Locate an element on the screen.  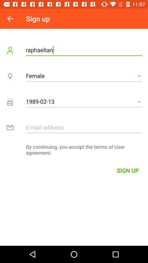
the icon above the sign up is located at coordinates (74, 151).